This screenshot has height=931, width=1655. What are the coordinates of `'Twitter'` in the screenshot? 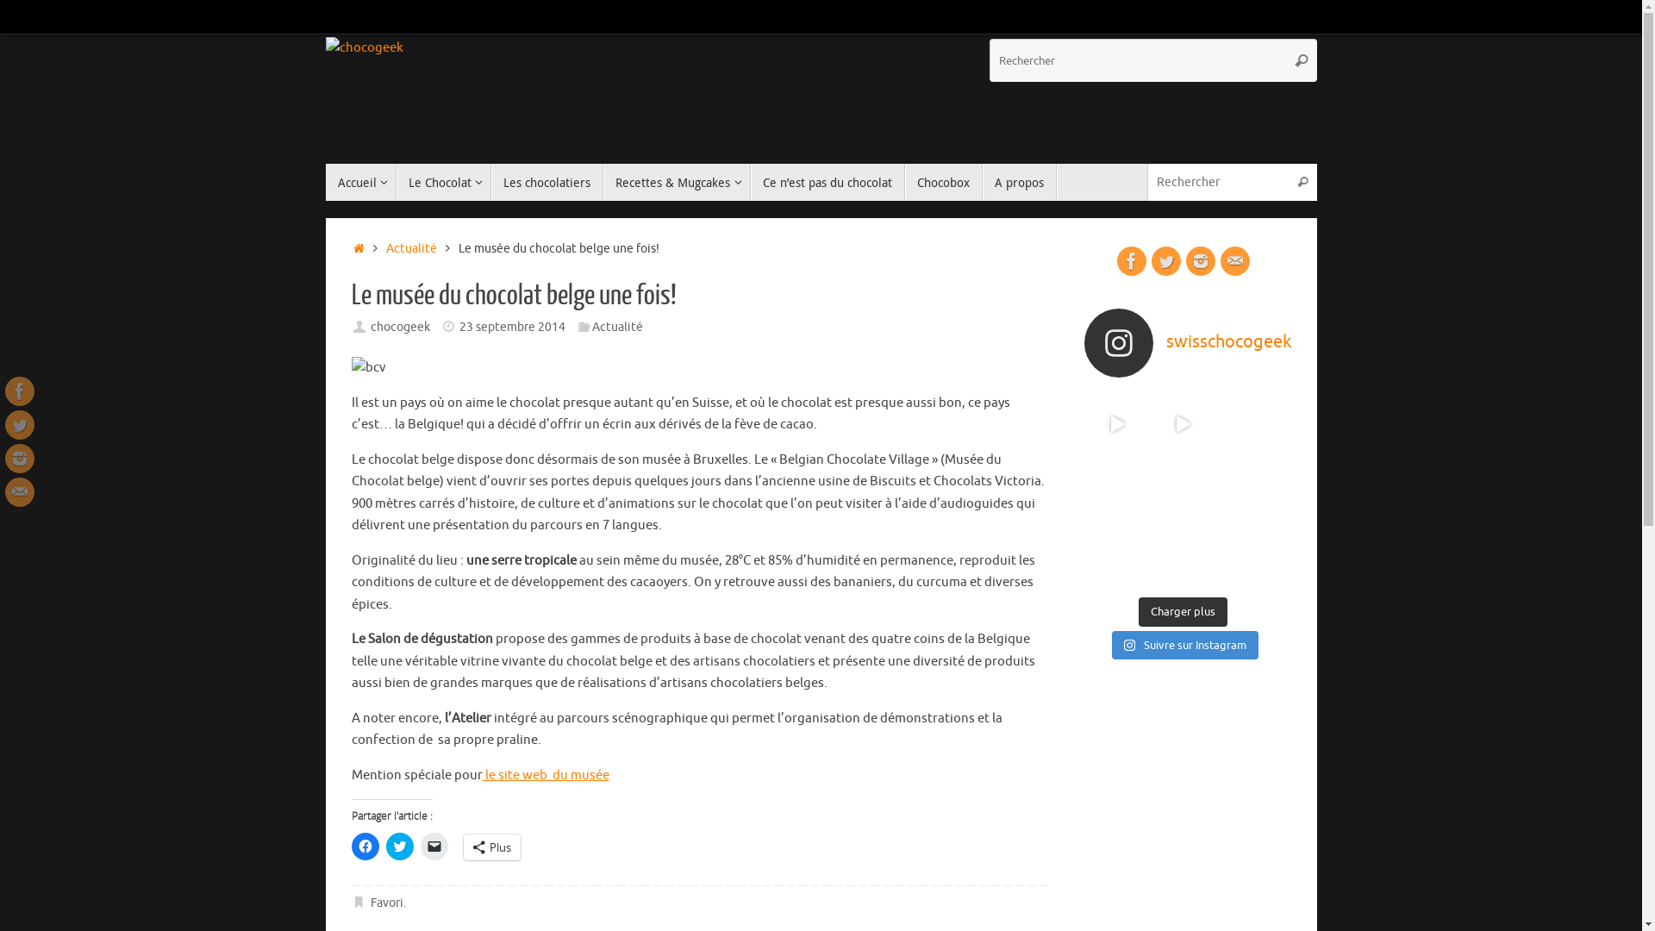 It's located at (1151, 261).